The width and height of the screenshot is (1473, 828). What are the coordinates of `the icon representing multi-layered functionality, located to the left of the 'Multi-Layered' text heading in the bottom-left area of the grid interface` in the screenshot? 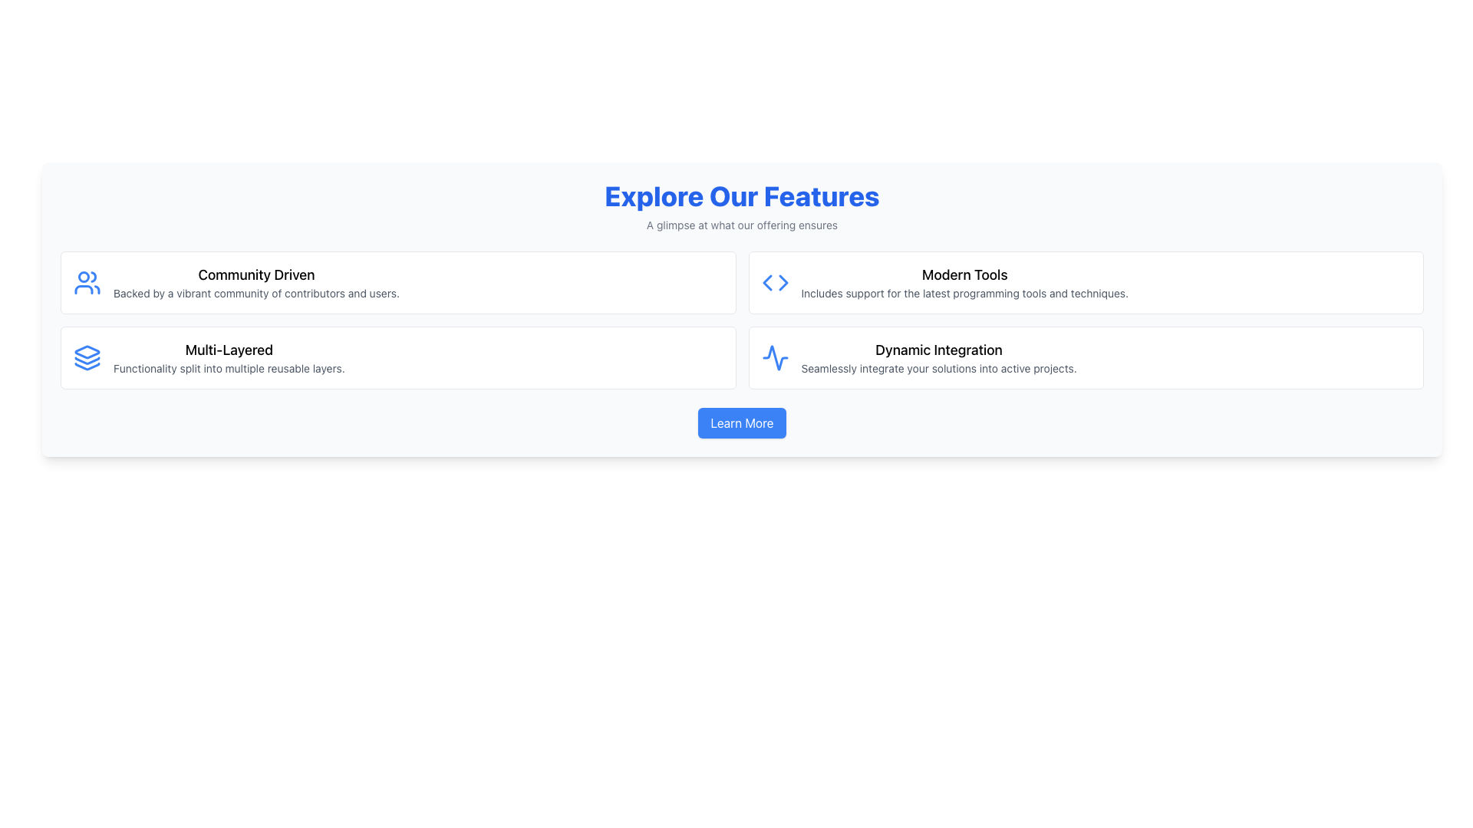 It's located at (87, 357).